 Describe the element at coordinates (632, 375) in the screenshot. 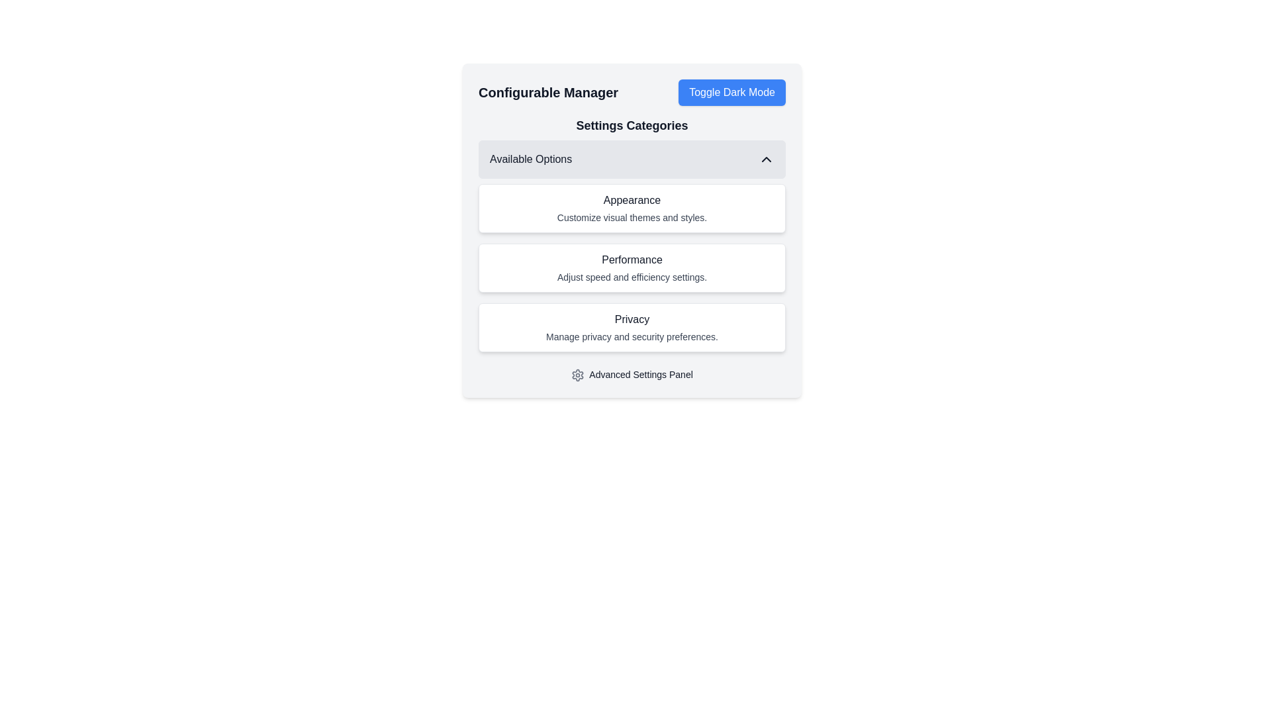

I see `the text label indicating the name or purpose of the adjacent settings panel, located at the bottom of the interface, centered horizontally` at that location.